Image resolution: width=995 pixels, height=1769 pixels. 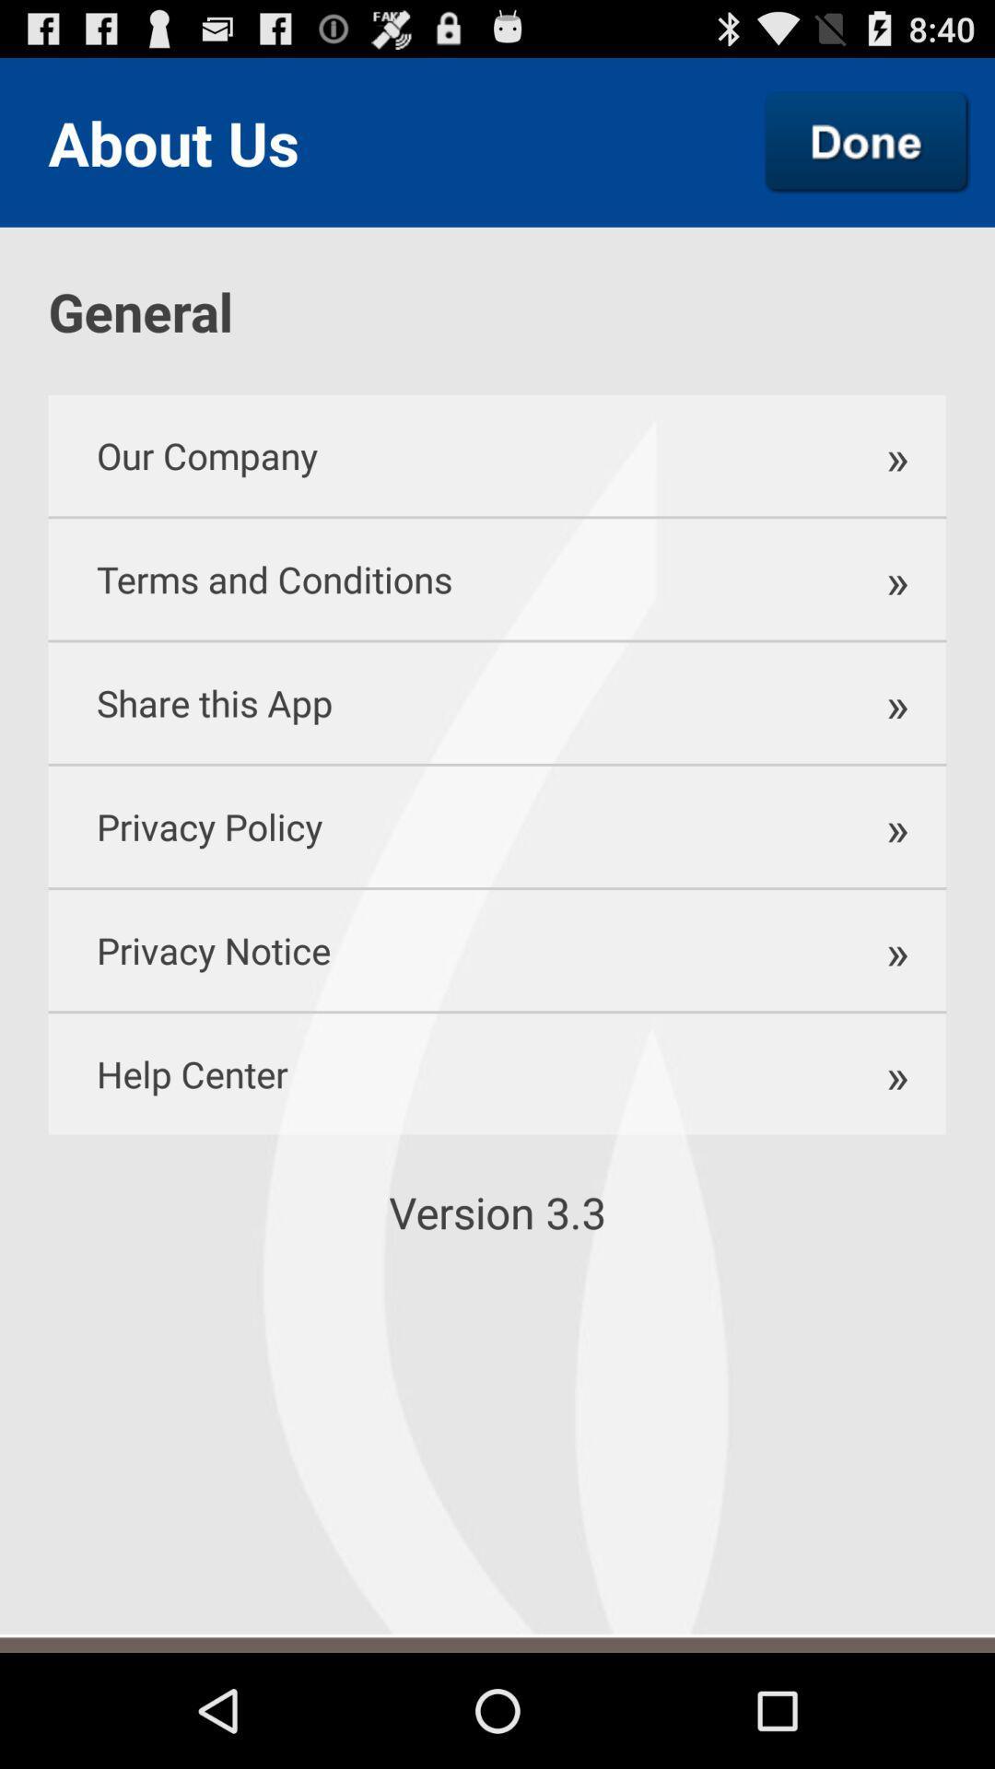 I want to click on the share this app, so click(x=439, y=702).